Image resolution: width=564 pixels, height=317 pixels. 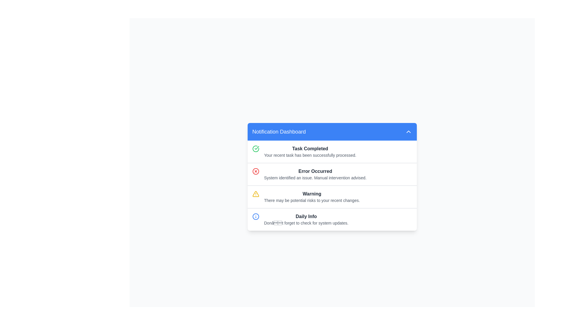 I want to click on the warning icon indicating caution in the Notification Dashboard, which is positioned to the left of the text 'There may be potential risks to your recent changes.', so click(x=256, y=194).